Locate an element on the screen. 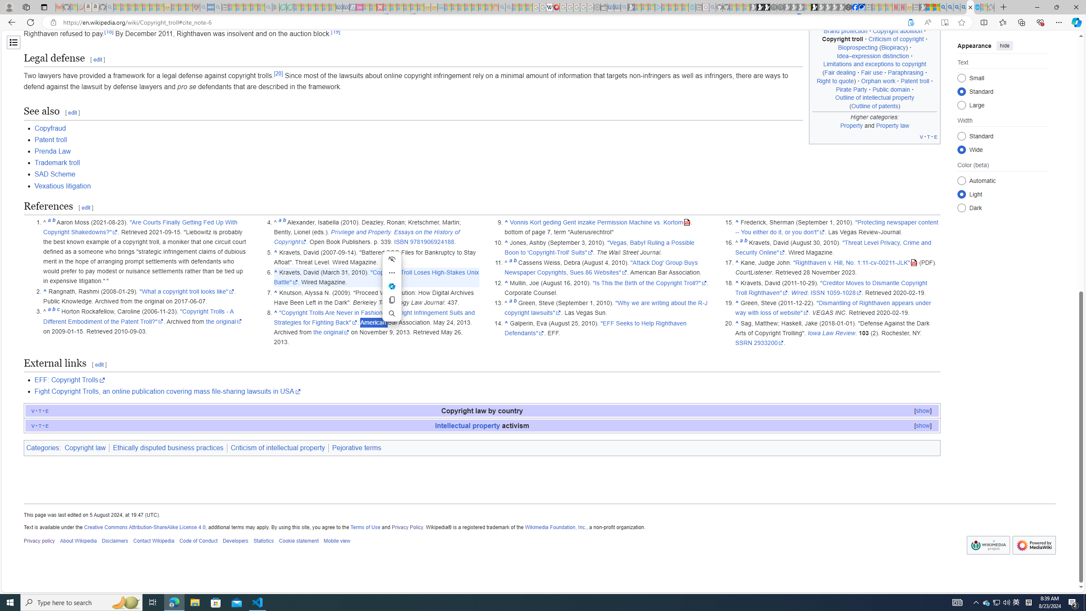 This screenshot has width=1086, height=611. 'Outline of intellectual property' is located at coordinates (875, 97).